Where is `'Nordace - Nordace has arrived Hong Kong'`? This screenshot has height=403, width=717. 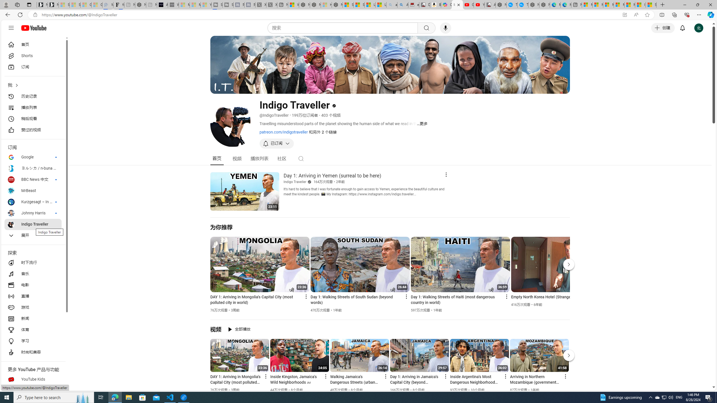
'Nordace - Nordace has arrived Hong Kong' is located at coordinates (544, 4).